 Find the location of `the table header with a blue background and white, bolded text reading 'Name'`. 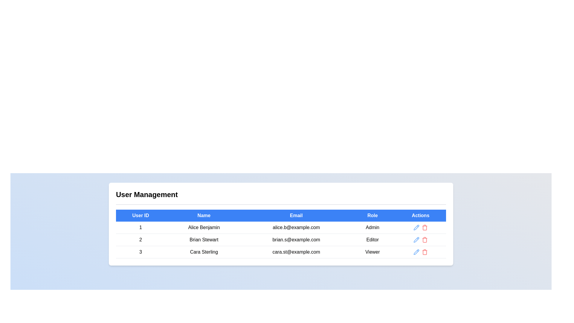

the table header with a blue background and white, bolded text reading 'Name' is located at coordinates (204, 216).